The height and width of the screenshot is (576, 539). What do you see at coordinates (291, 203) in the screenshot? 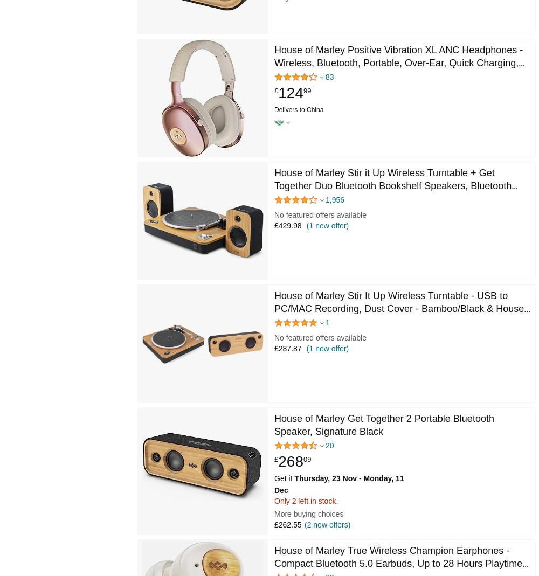
I see `'4.2 out of 5 stars'` at bounding box center [291, 203].